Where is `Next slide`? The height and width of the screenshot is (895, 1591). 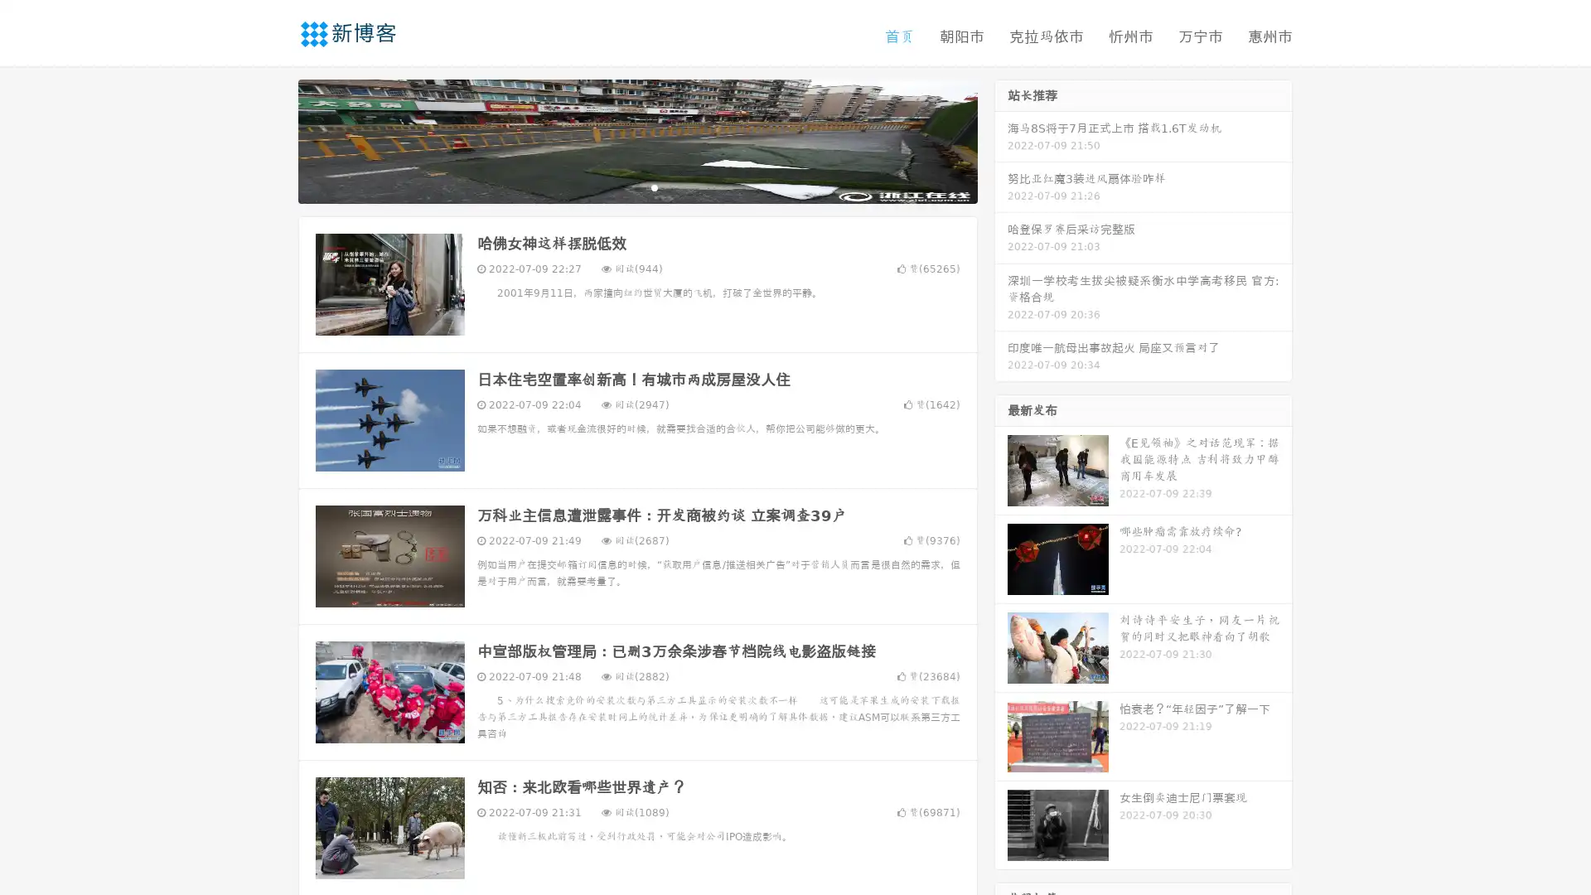 Next slide is located at coordinates (1001, 139).